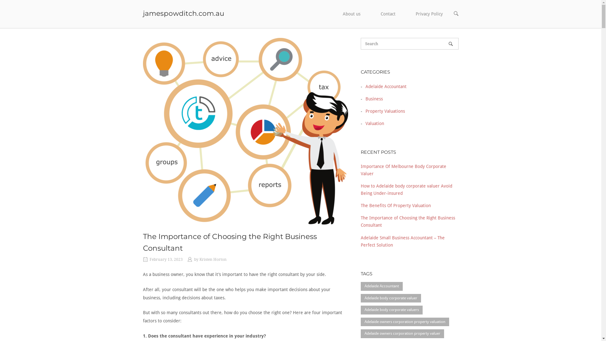 The width and height of the screenshot is (606, 341). Describe the element at coordinates (360, 333) in the screenshot. I see `'Adelaide owners corporation property valuer'` at that location.